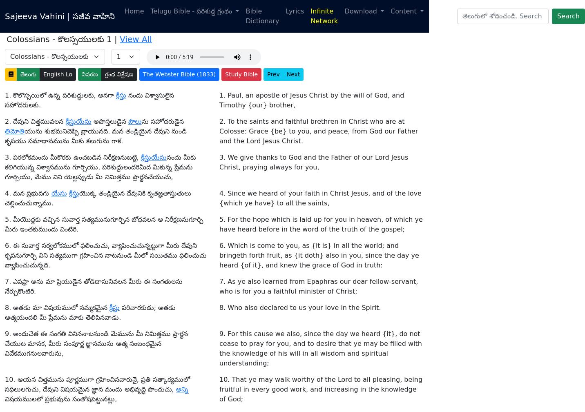  Describe the element at coordinates (103, 59) in the screenshot. I see `'24. ఇప్పుడు మీకొరకు నేను అనుభవించుచున్న శ్రమల యందు సంతోషించుచు, సంఘము అను ఆయన శరీరము కొరకు'` at that location.